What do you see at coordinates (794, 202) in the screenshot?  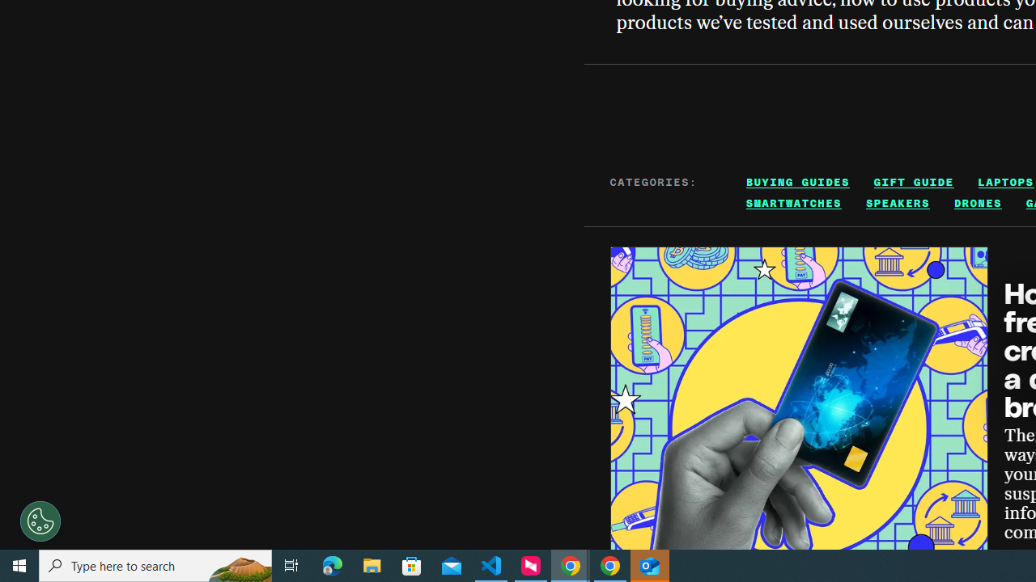 I see `'SMARTWATCHES'` at bounding box center [794, 202].